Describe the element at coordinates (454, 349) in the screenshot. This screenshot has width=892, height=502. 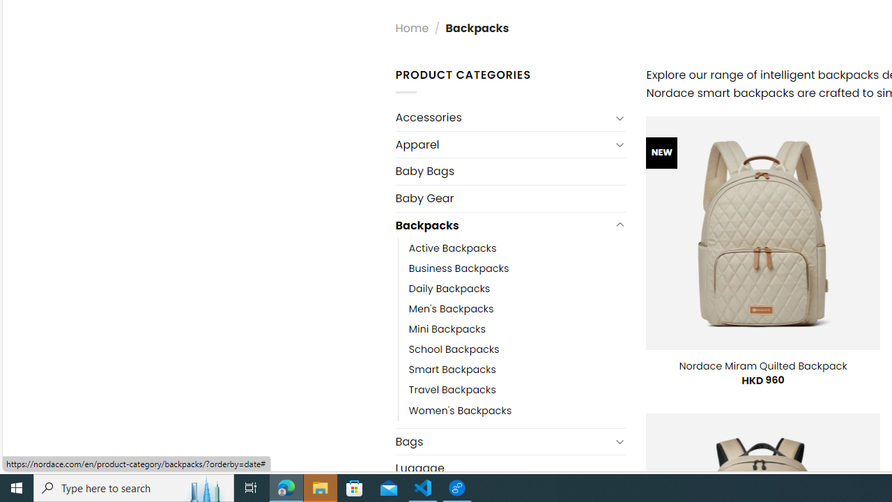
I see `'School Backpacks'` at that location.